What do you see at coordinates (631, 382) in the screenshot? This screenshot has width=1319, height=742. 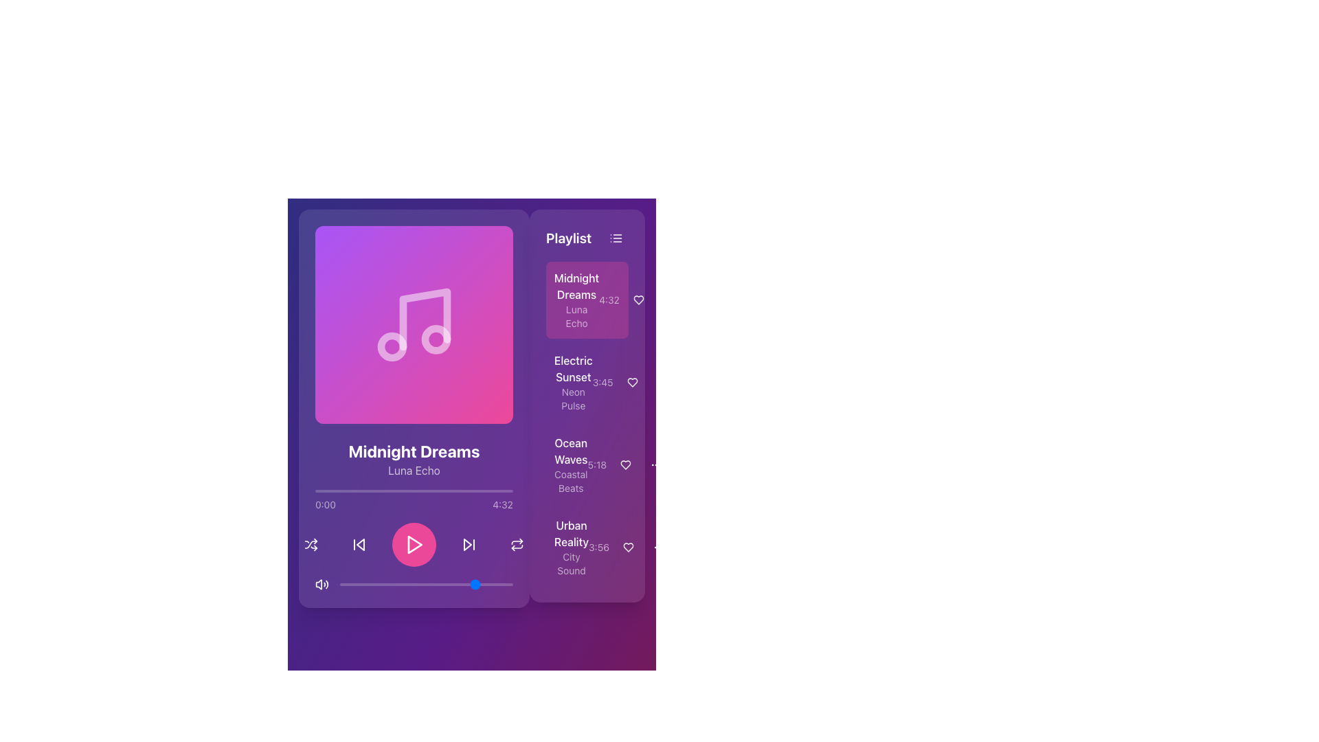 I see `the heart-shaped icon button outlined in white, located to the right of the text '3:45' in the playlist item 'Electric Sunset'` at bounding box center [631, 382].